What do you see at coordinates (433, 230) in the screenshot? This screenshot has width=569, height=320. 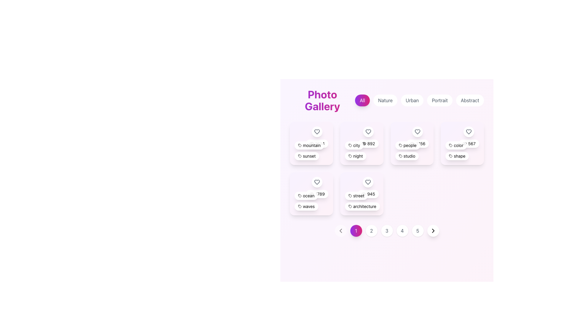 I see `the right-facing chevron icon within the circular white button located at the bottom-right of the interface` at bounding box center [433, 230].